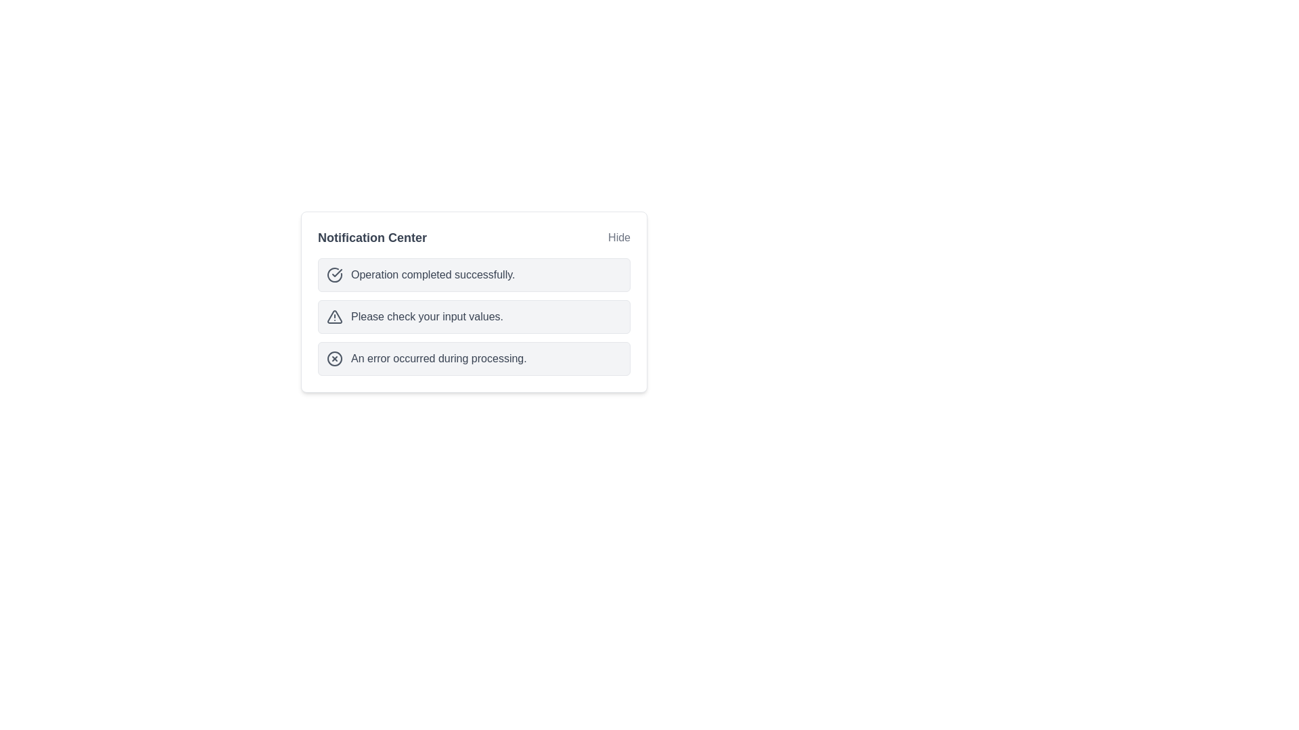 This screenshot has width=1299, height=730. I want to click on the Heading element at the top-left corner of the notification panel to provide visual interaction, so click(372, 237).